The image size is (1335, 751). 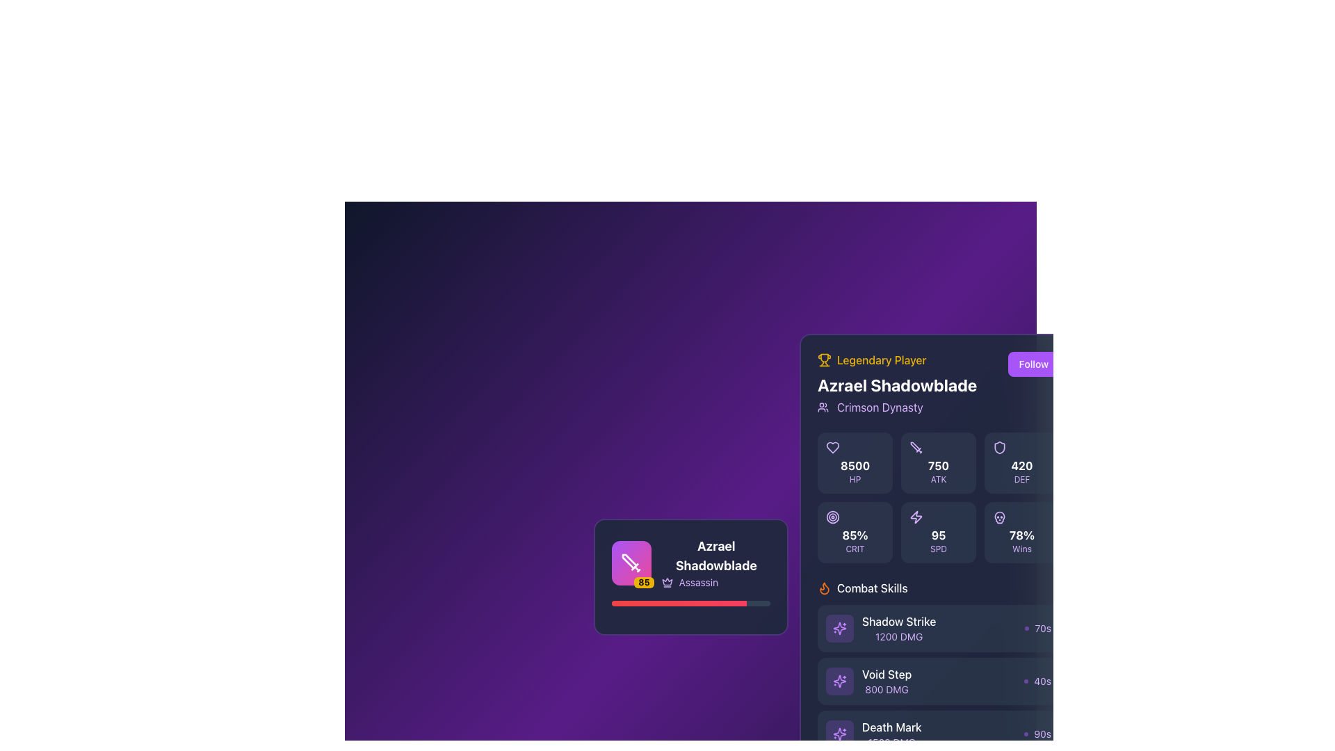 What do you see at coordinates (643, 582) in the screenshot?
I see `displayed numerical value on the Badge located at the bottom-right corner of the purple-to-pink gradient icon featuring a sword illustration` at bounding box center [643, 582].